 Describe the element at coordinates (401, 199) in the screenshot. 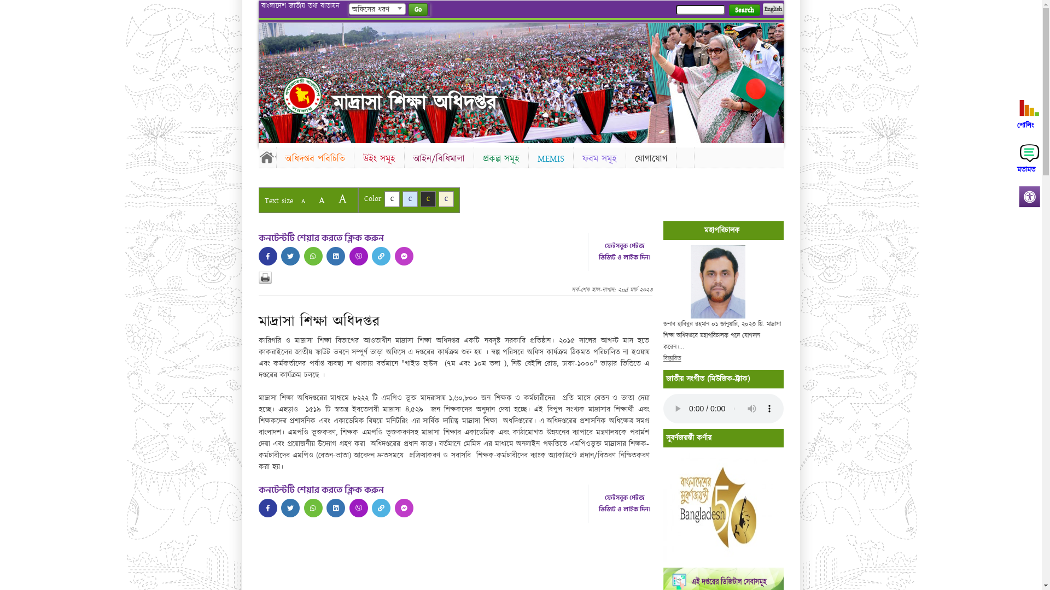

I see `'C'` at that location.